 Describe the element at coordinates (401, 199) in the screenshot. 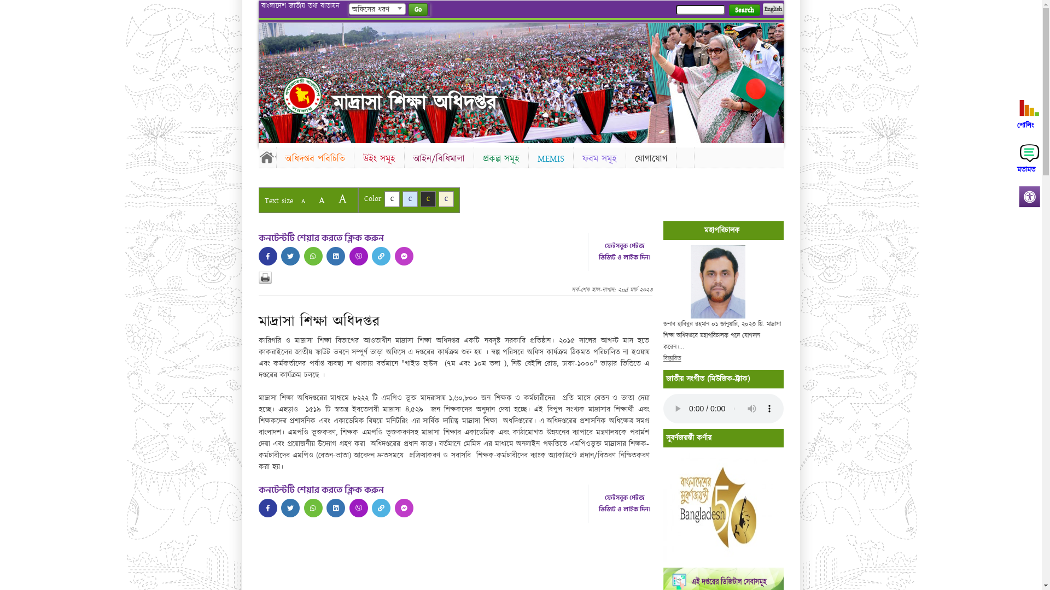

I see `'C'` at that location.